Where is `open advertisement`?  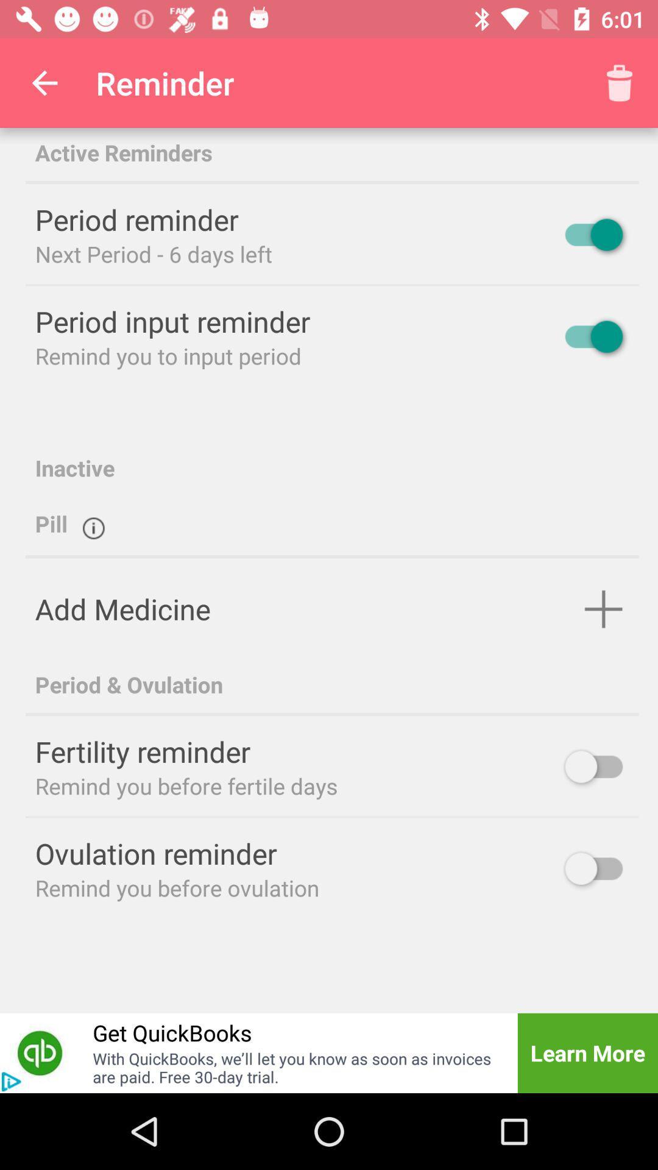 open advertisement is located at coordinates (11, 1082).